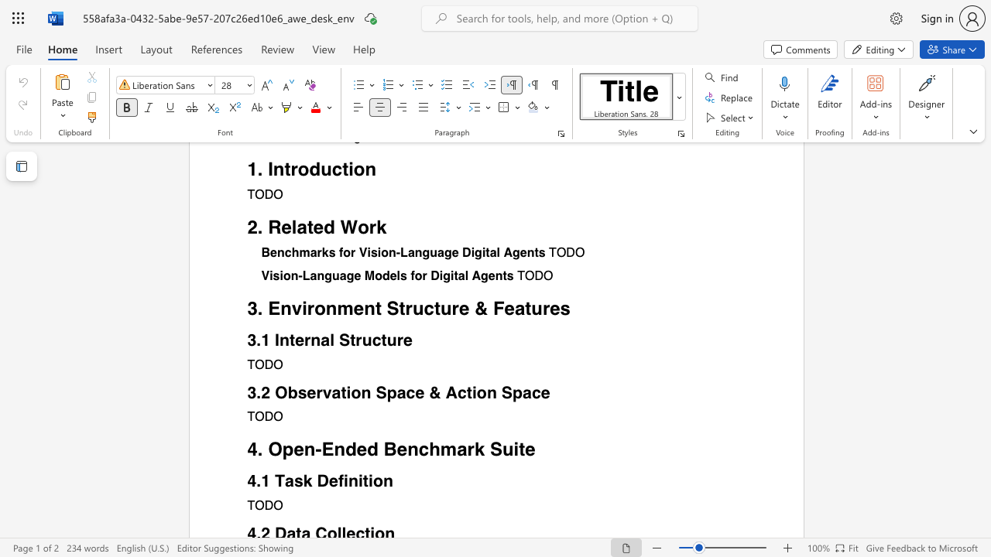 The image size is (991, 557). What do you see at coordinates (279, 339) in the screenshot?
I see `the subset text "nterna" within the text "3.1 Internal Structure"` at bounding box center [279, 339].